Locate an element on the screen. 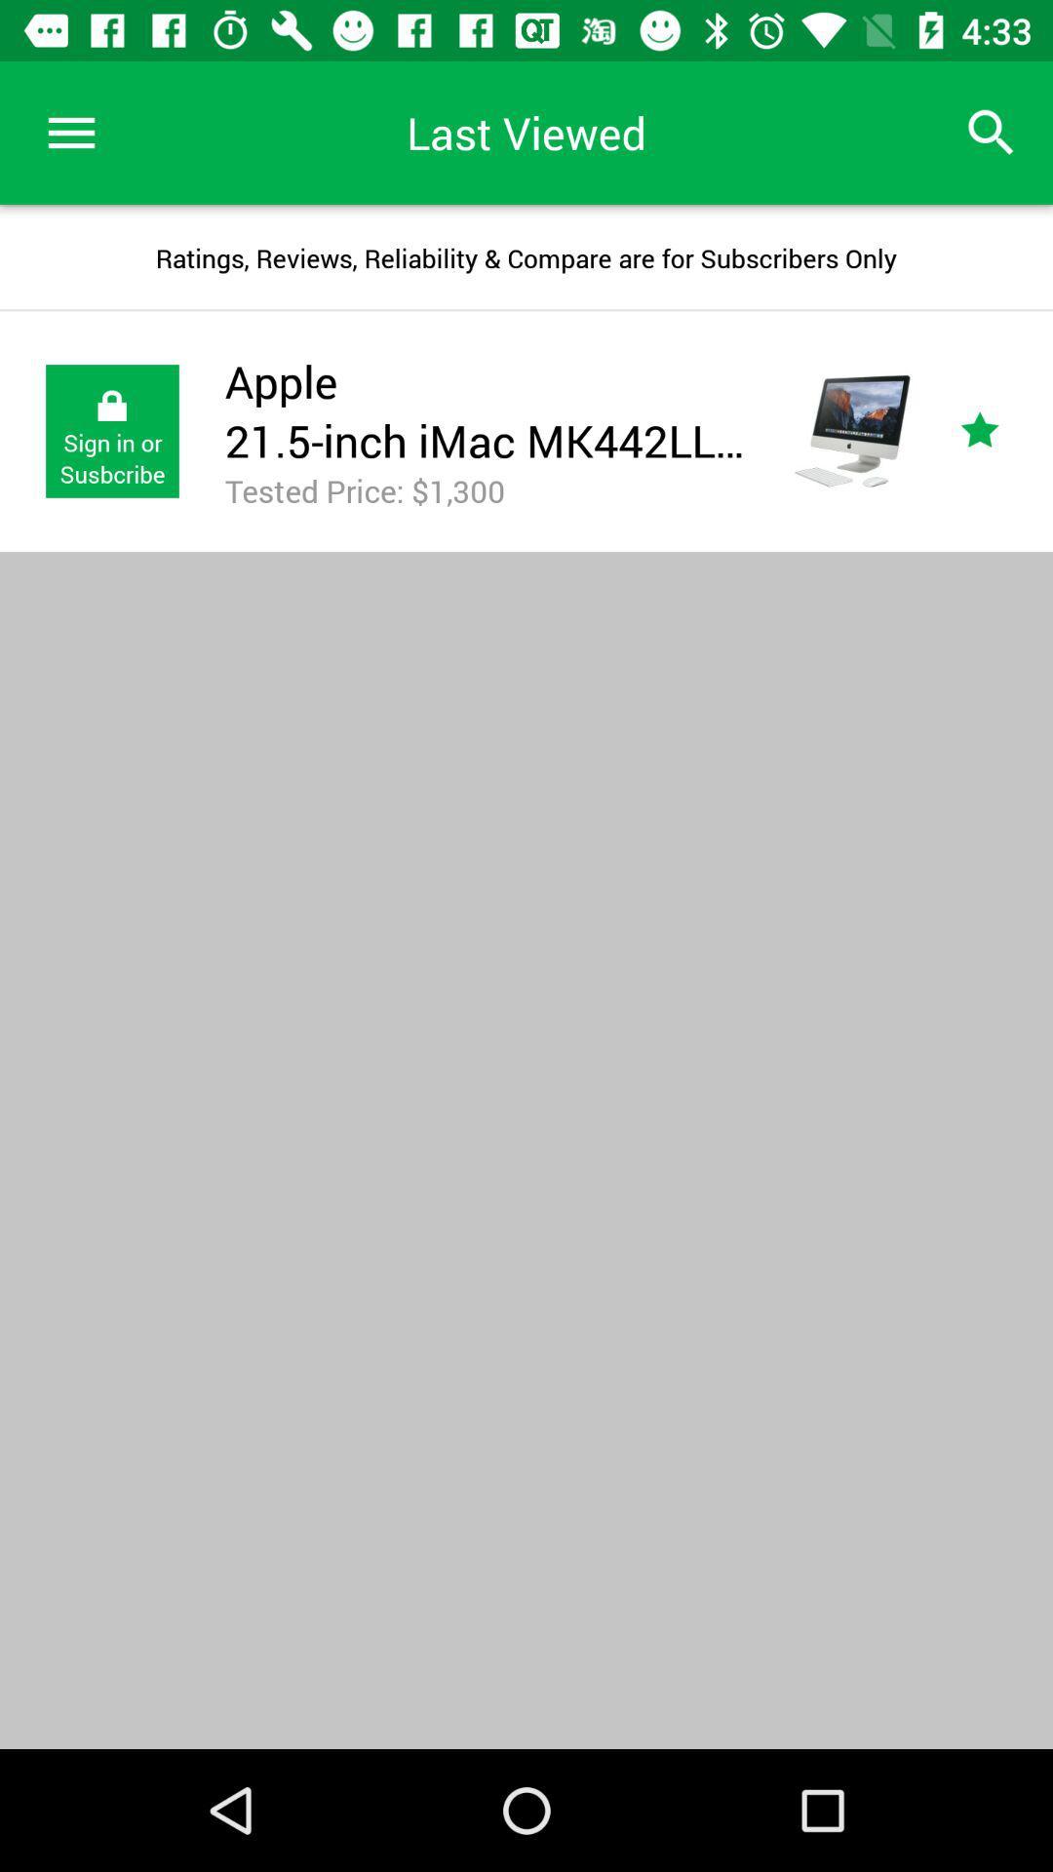 This screenshot has width=1053, height=1872. rating symbol is located at coordinates (1001, 430).